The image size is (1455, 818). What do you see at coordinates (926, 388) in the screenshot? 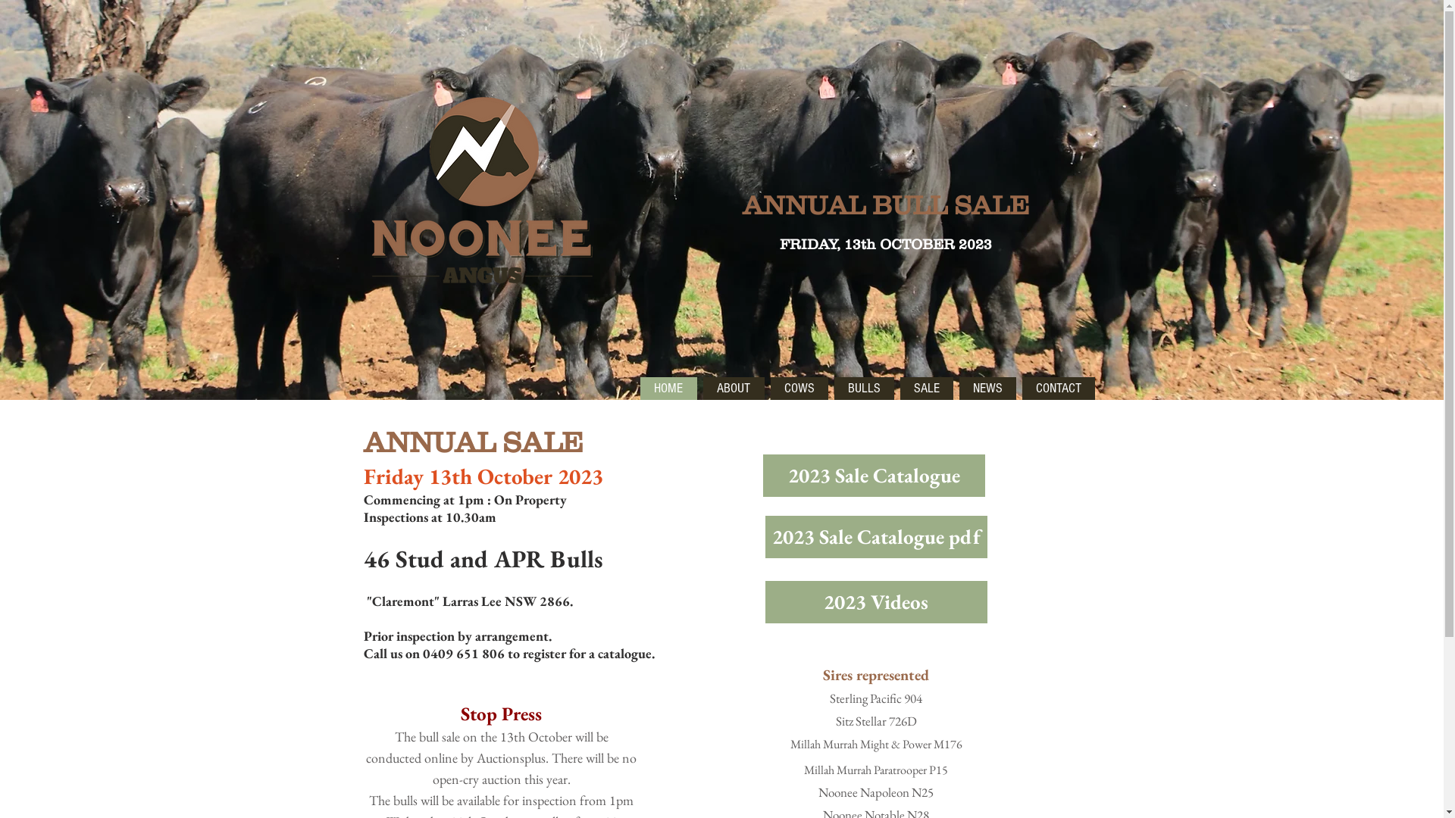
I see `'SALE'` at bounding box center [926, 388].